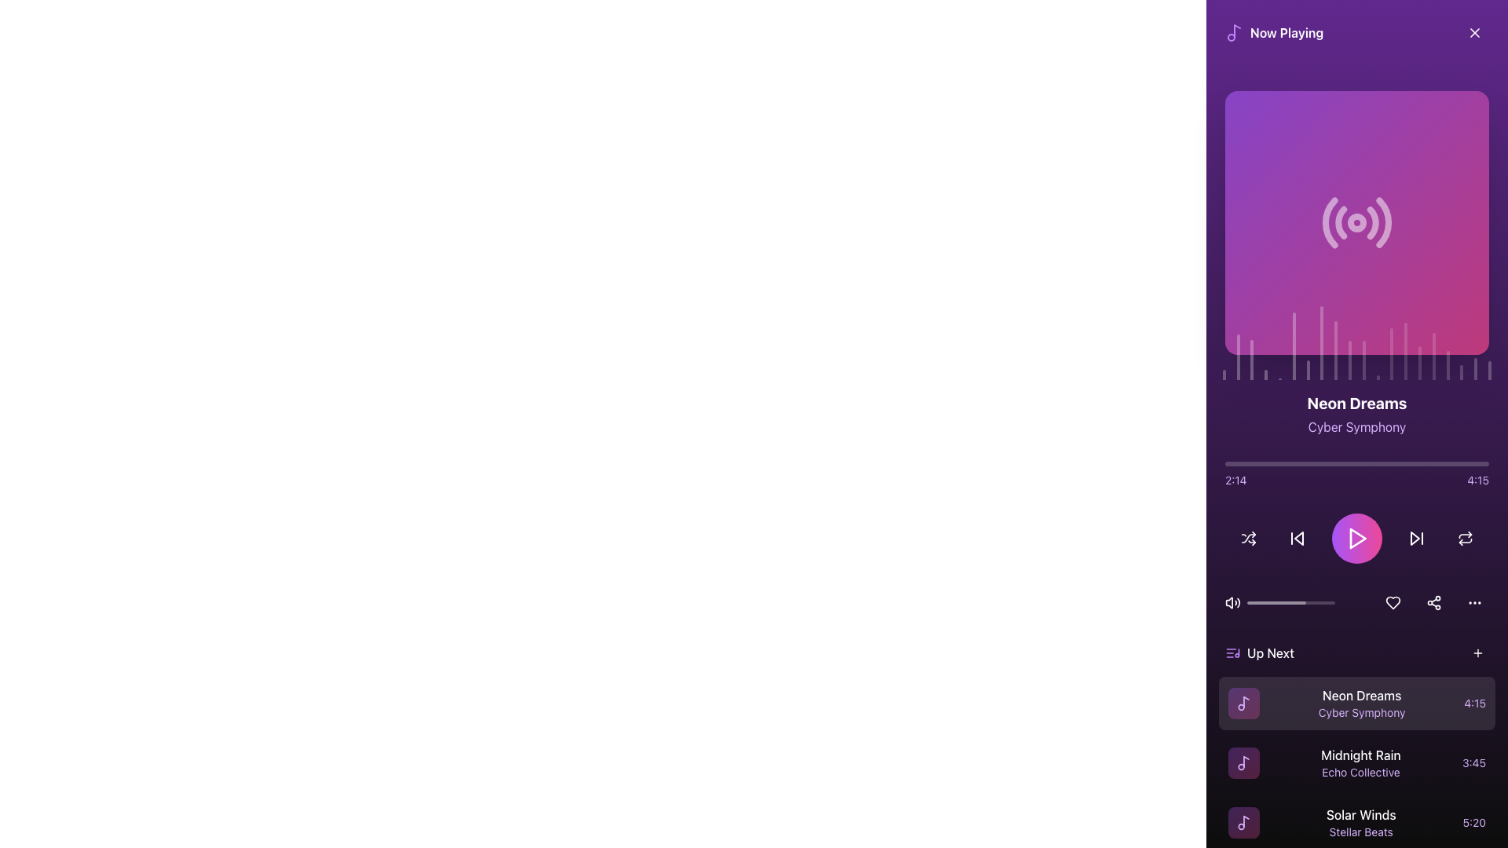  What do you see at coordinates (1433, 601) in the screenshot?
I see `the icon resembling three dots connected by lines forming a triangular shape, located beneath the progress bar and to the right of the heart icon` at bounding box center [1433, 601].